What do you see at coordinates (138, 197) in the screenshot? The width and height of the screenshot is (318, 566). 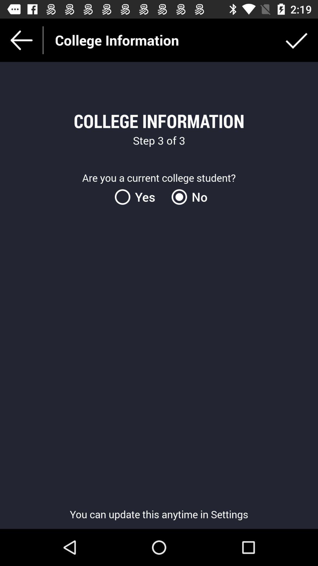 I see `item to the left of the no` at bounding box center [138, 197].